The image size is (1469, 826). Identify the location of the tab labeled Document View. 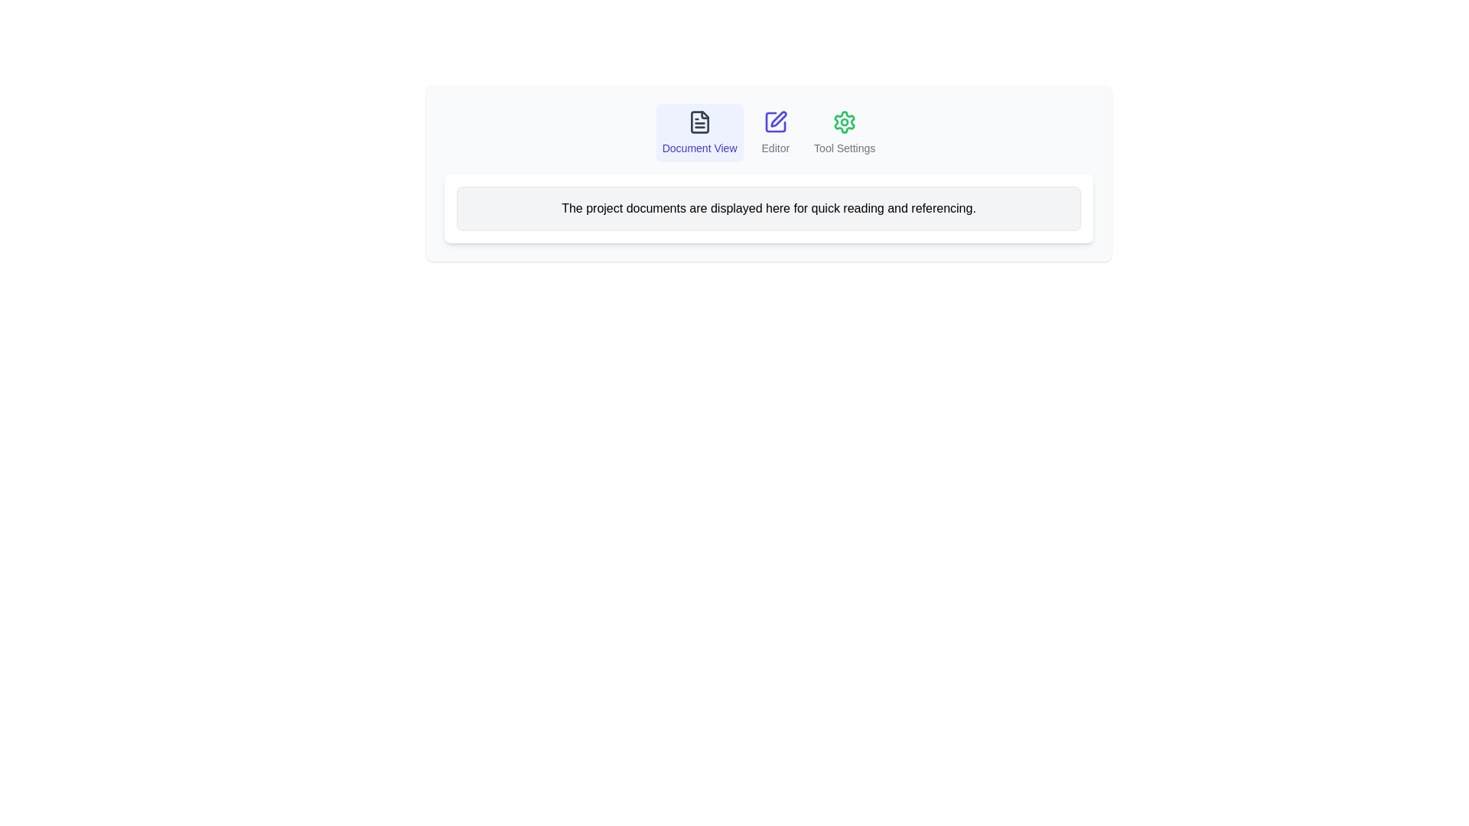
(699, 132).